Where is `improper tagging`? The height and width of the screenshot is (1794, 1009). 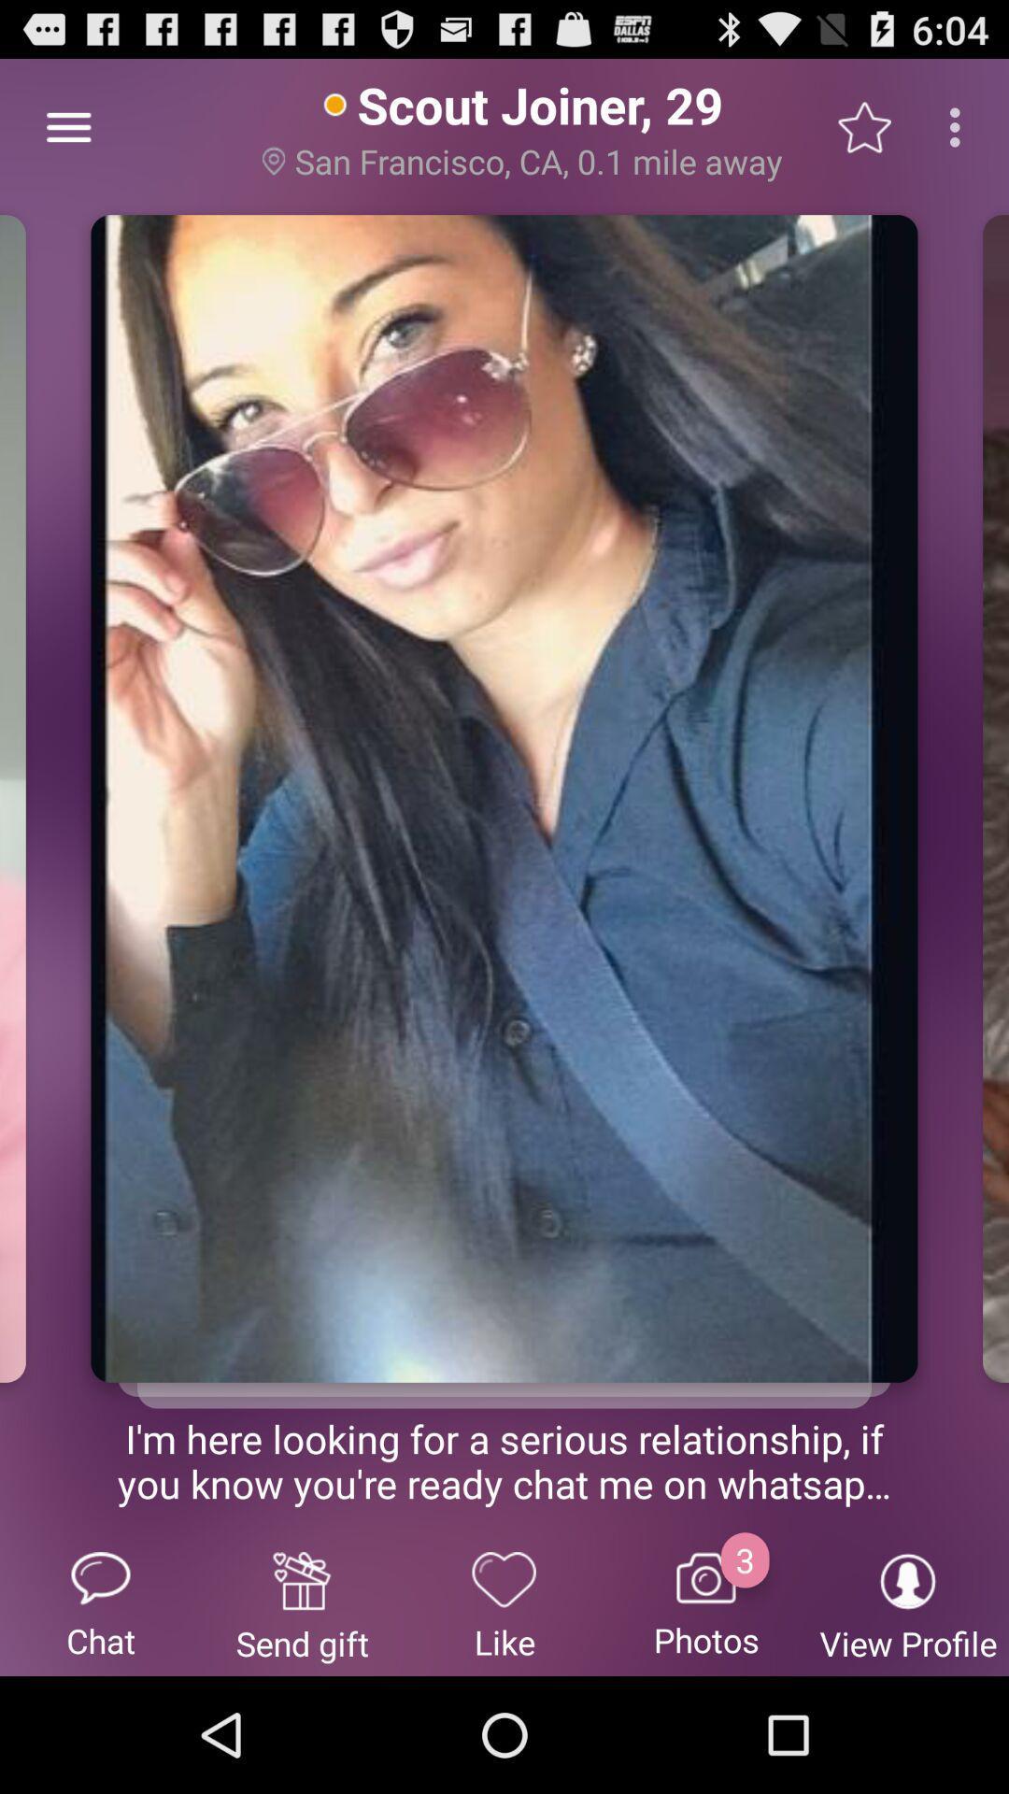 improper tagging is located at coordinates (504, 1369).